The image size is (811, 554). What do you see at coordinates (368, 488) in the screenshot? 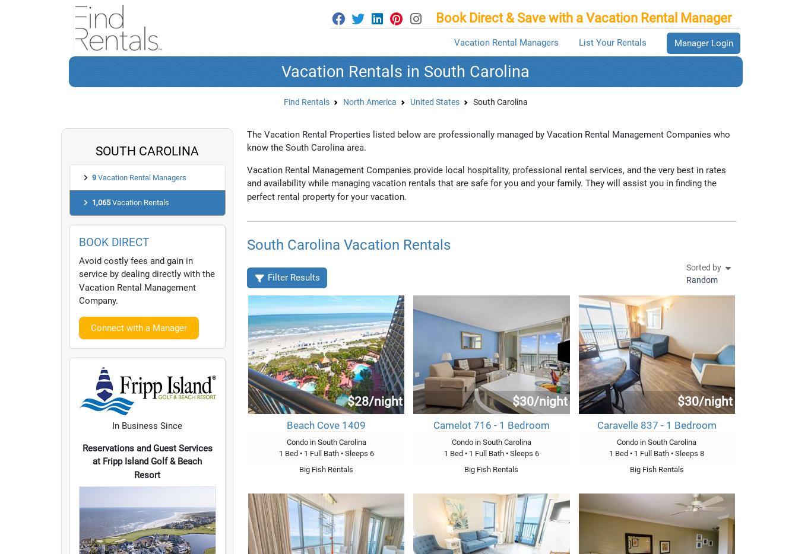
I see `'Absolutely, Find Rentals has 409 fishing
		rentals in South Carolina. You have also many other possibilities in South Carolina area, including:'` at bounding box center [368, 488].